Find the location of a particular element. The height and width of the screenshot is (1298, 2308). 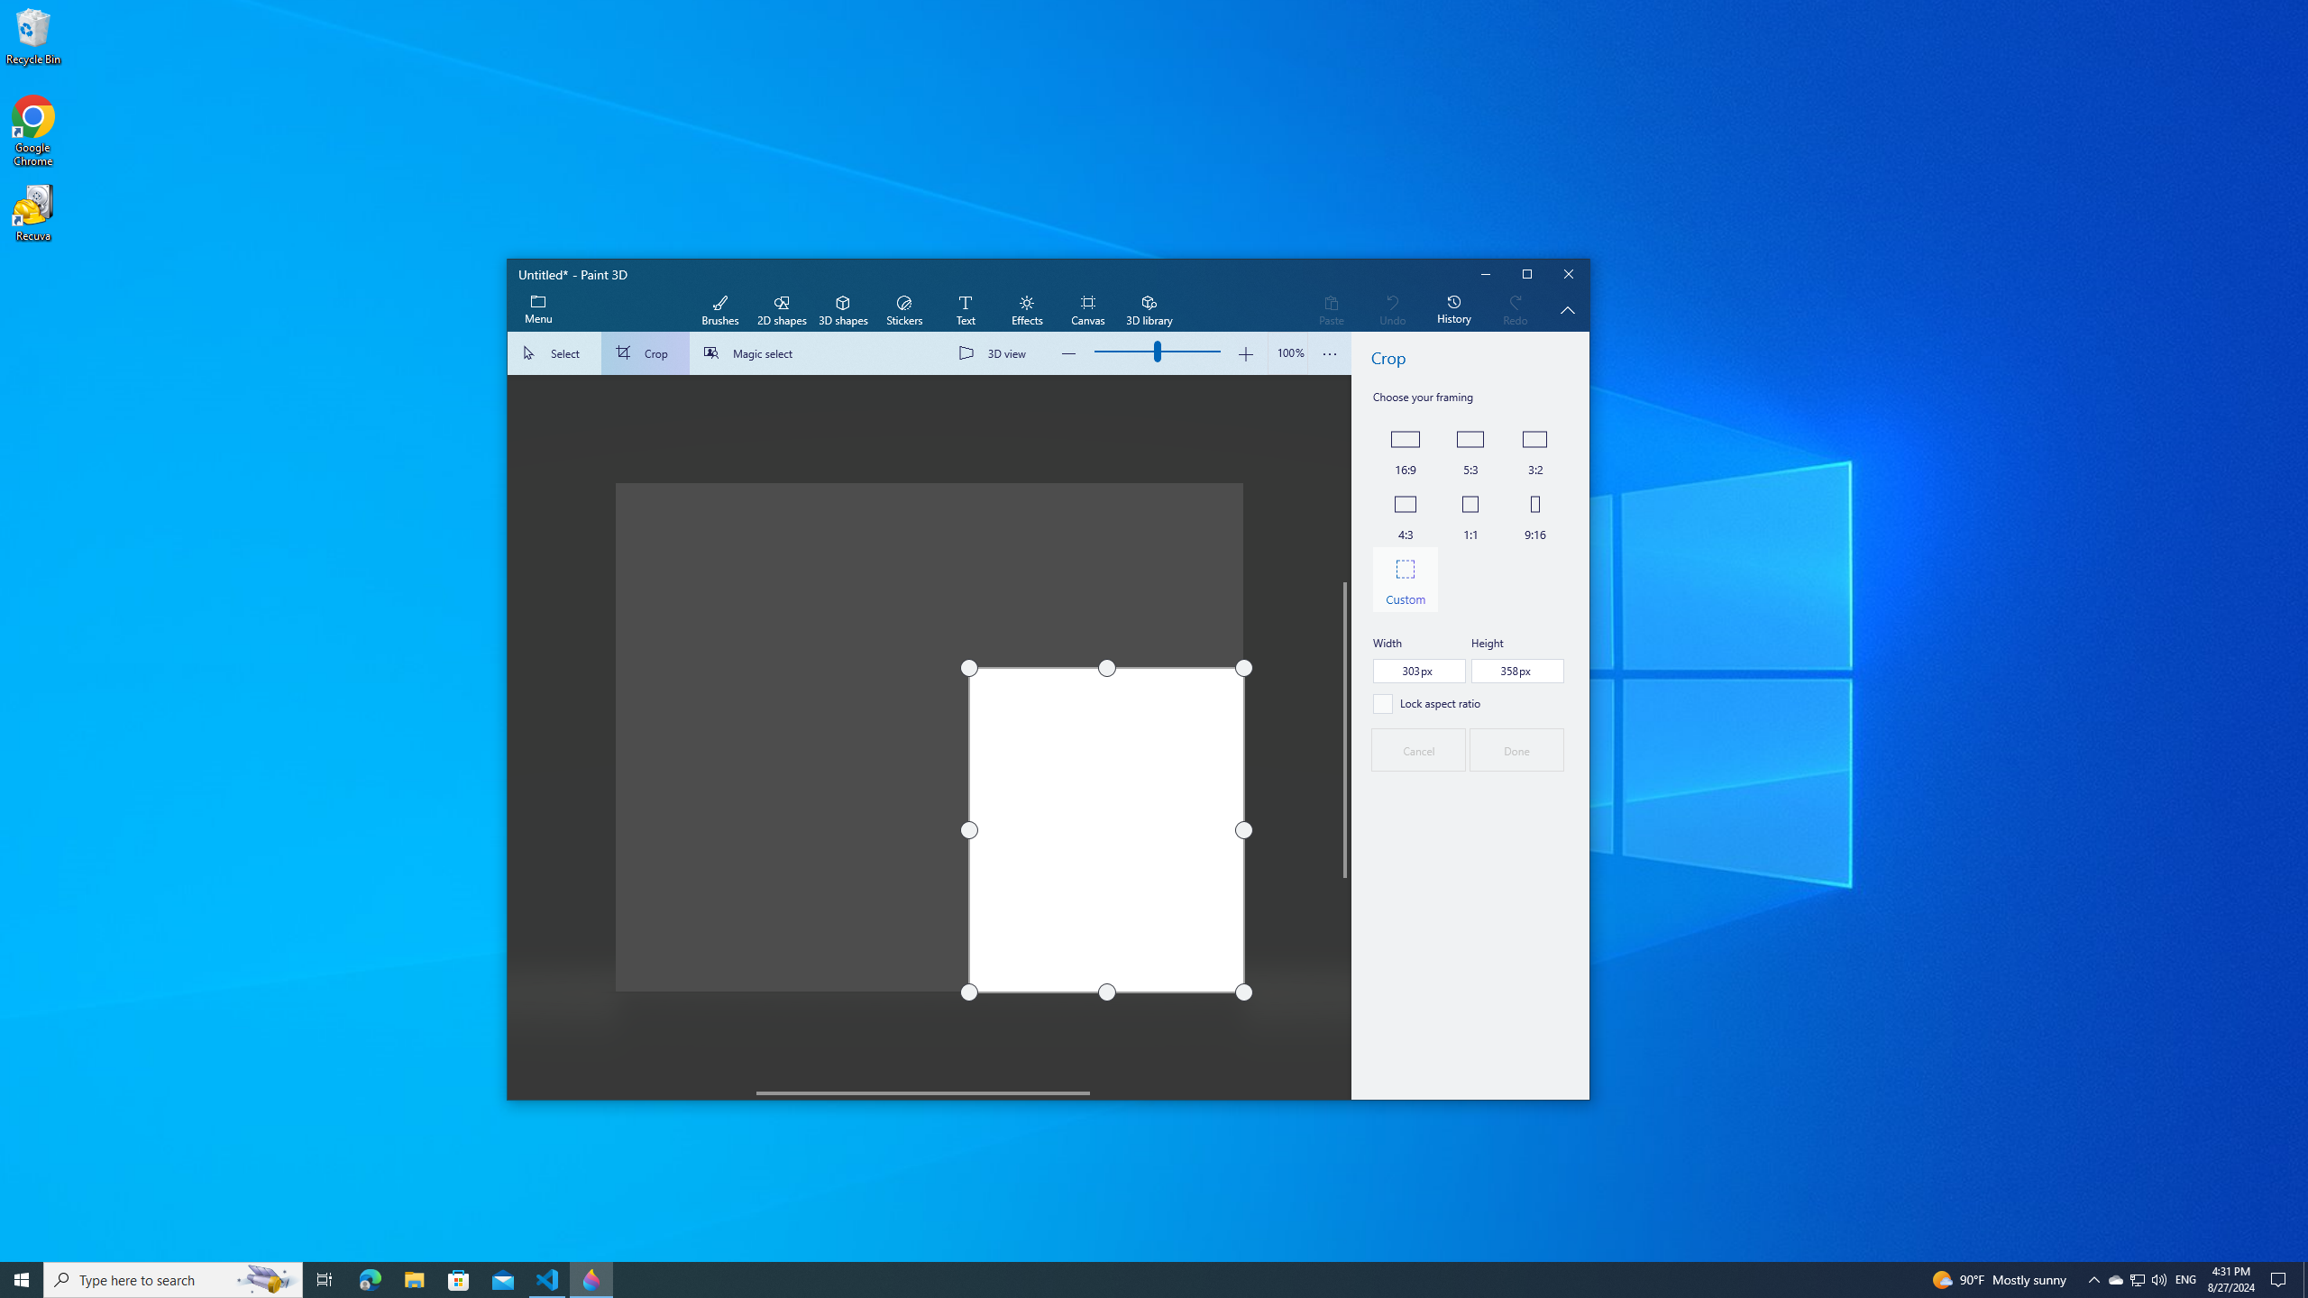

'Paint 3D - 1 running window' is located at coordinates (591, 1278).